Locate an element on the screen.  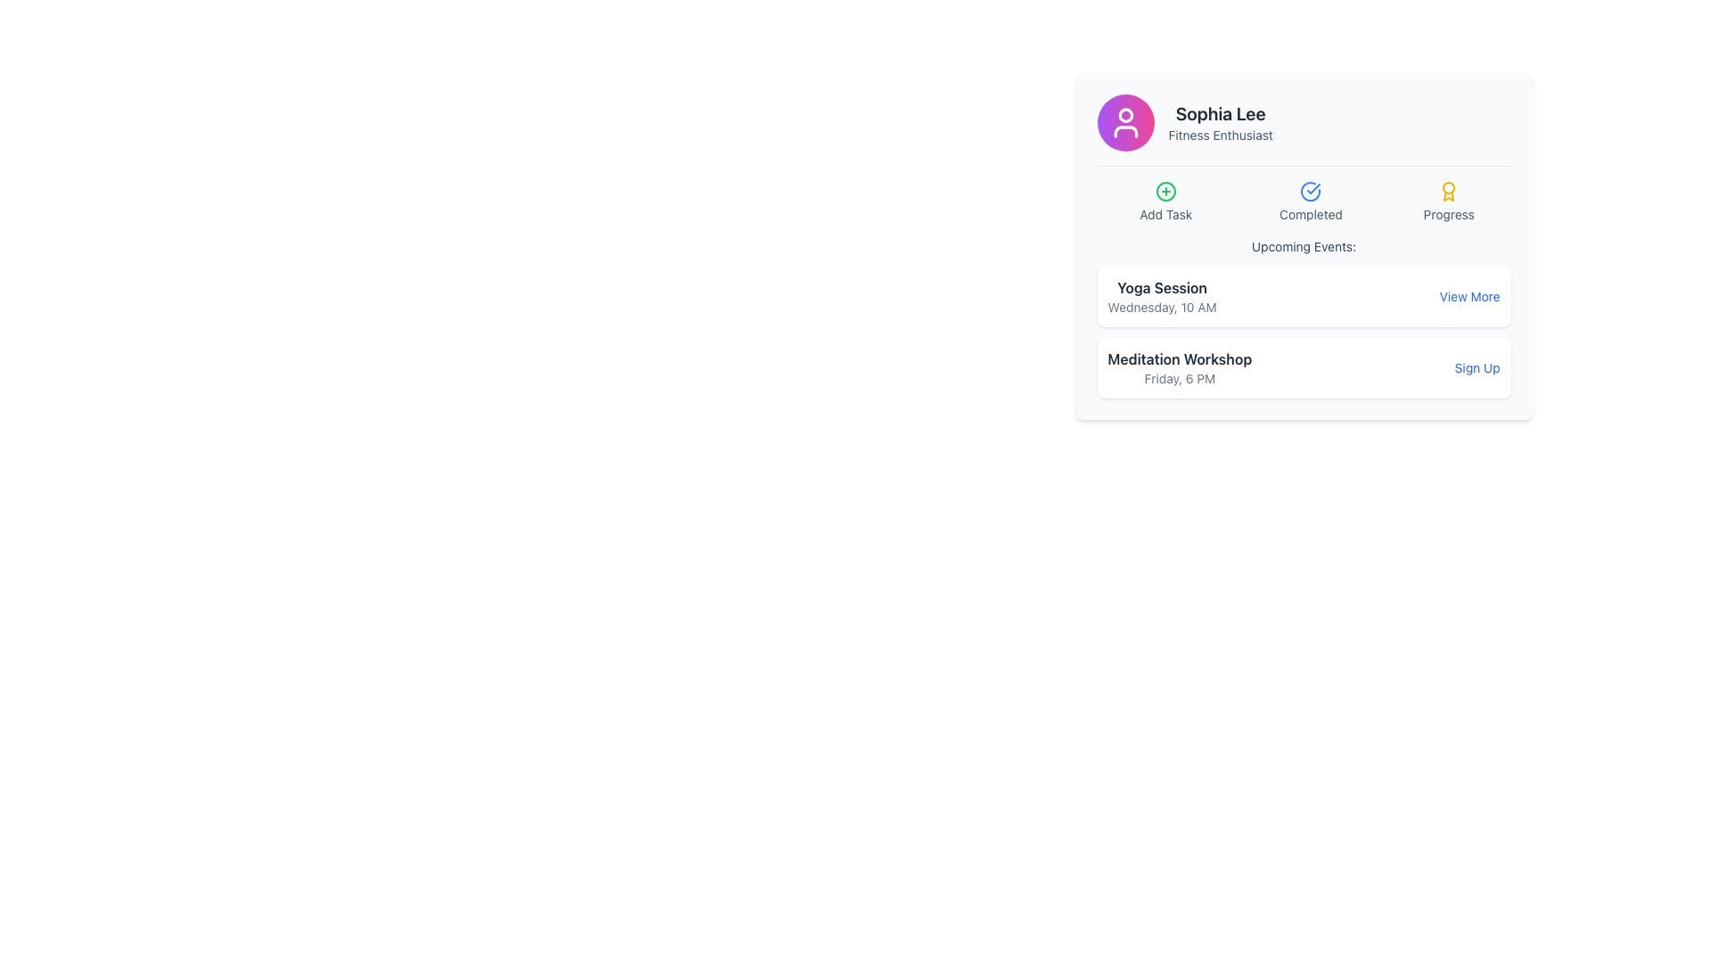
the user avatar located in the top-left corner of the card displaying 'Sophia Lee' and 'Fitness Enthusiast' is located at coordinates (1124, 122).